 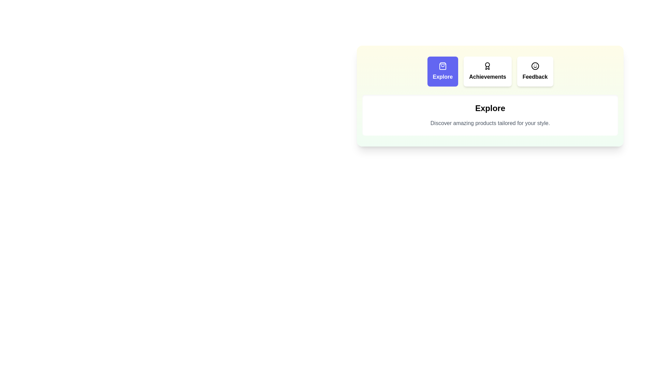 What do you see at coordinates (487, 71) in the screenshot?
I see `the tab labeled Achievements to observe the hover effect` at bounding box center [487, 71].